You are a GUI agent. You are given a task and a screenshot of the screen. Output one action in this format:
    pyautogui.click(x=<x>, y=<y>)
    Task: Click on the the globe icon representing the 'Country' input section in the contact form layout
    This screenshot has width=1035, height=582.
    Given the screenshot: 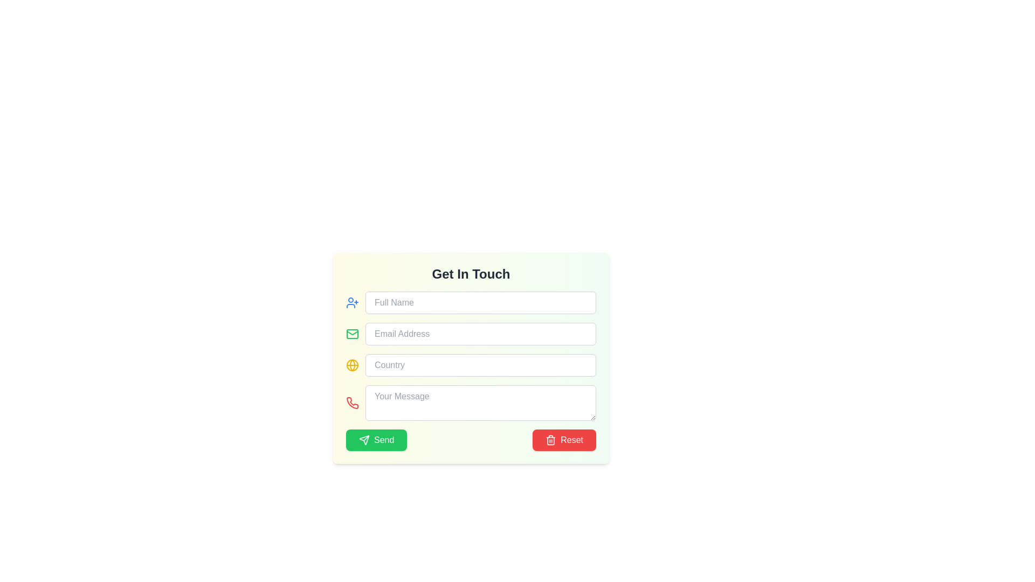 What is the action you would take?
    pyautogui.click(x=352, y=365)
    